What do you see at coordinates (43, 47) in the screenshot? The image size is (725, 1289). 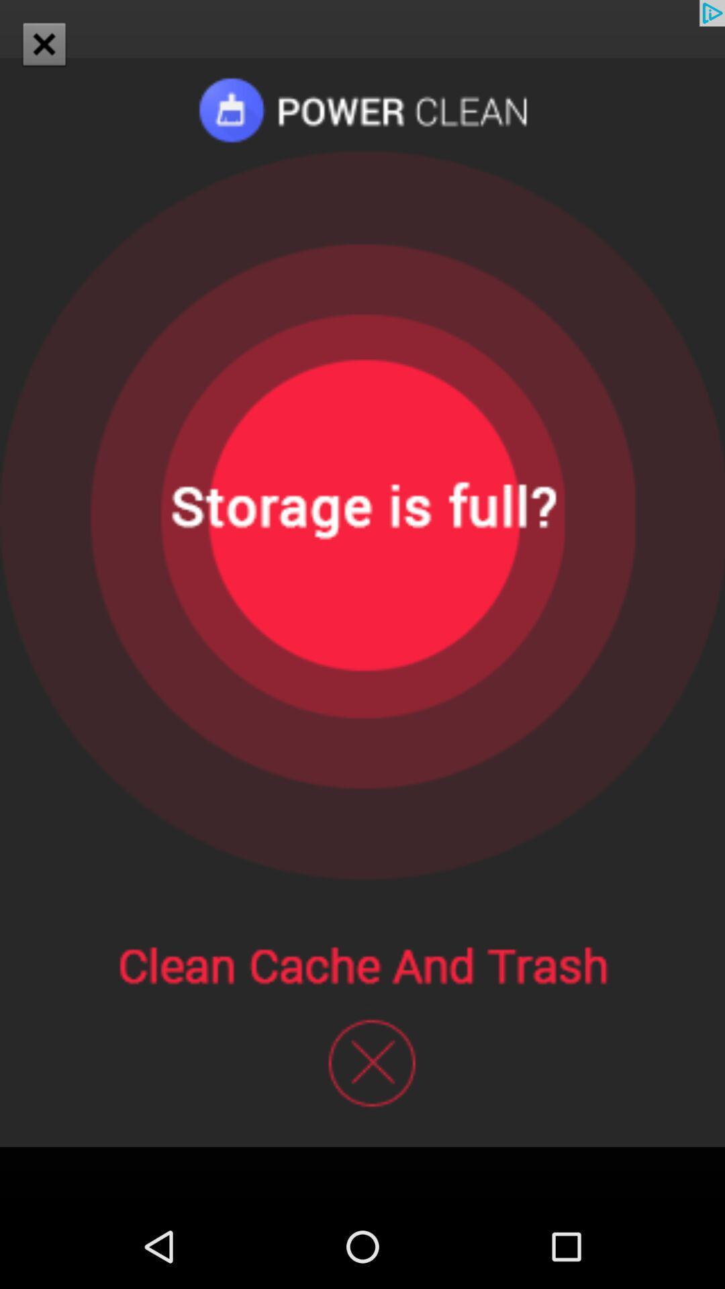 I see `the close icon` at bounding box center [43, 47].